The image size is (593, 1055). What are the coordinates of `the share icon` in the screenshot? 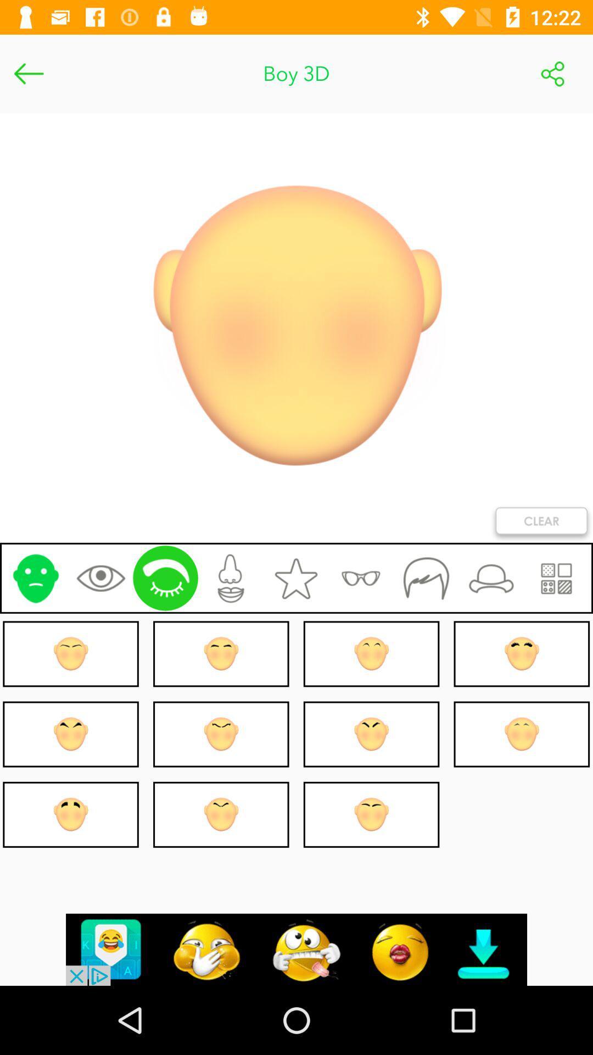 It's located at (552, 73).